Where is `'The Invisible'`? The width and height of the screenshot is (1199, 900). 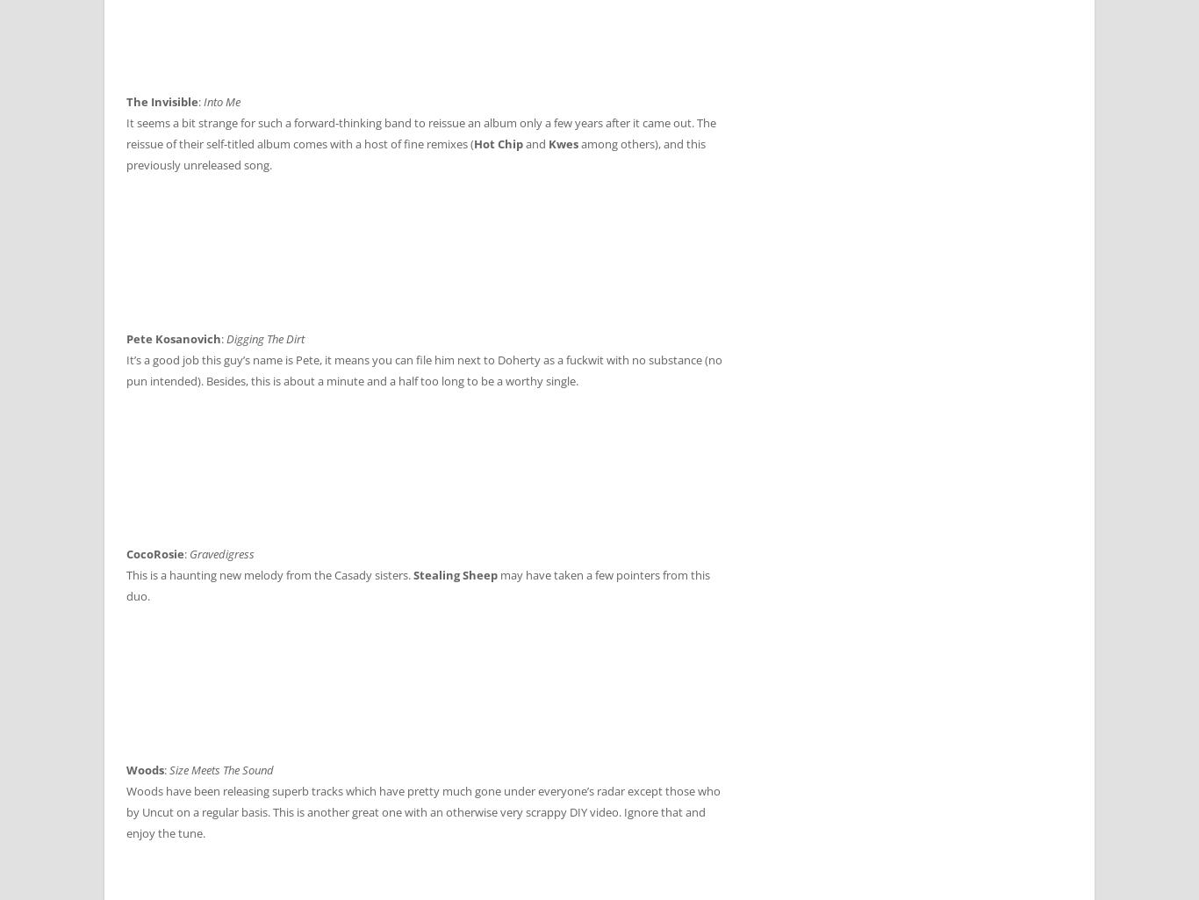 'The Invisible' is located at coordinates (161, 101).